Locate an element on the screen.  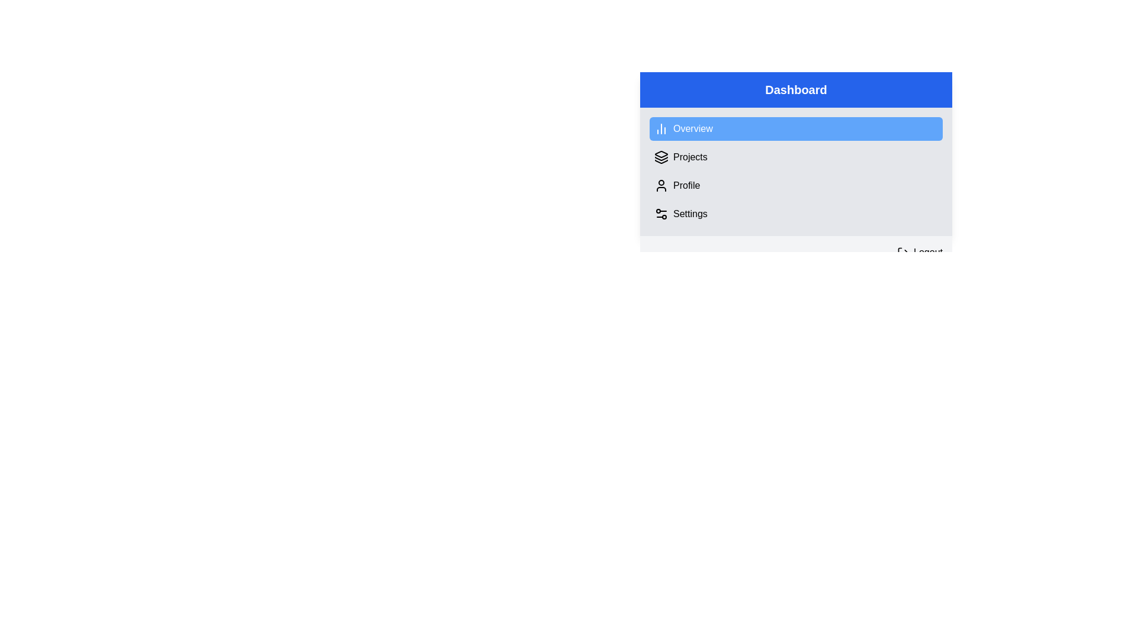
the TextLabel that serves as the header for the navigation panel, indicating the section's overall content or purpose as the dashboard is located at coordinates (796, 89).